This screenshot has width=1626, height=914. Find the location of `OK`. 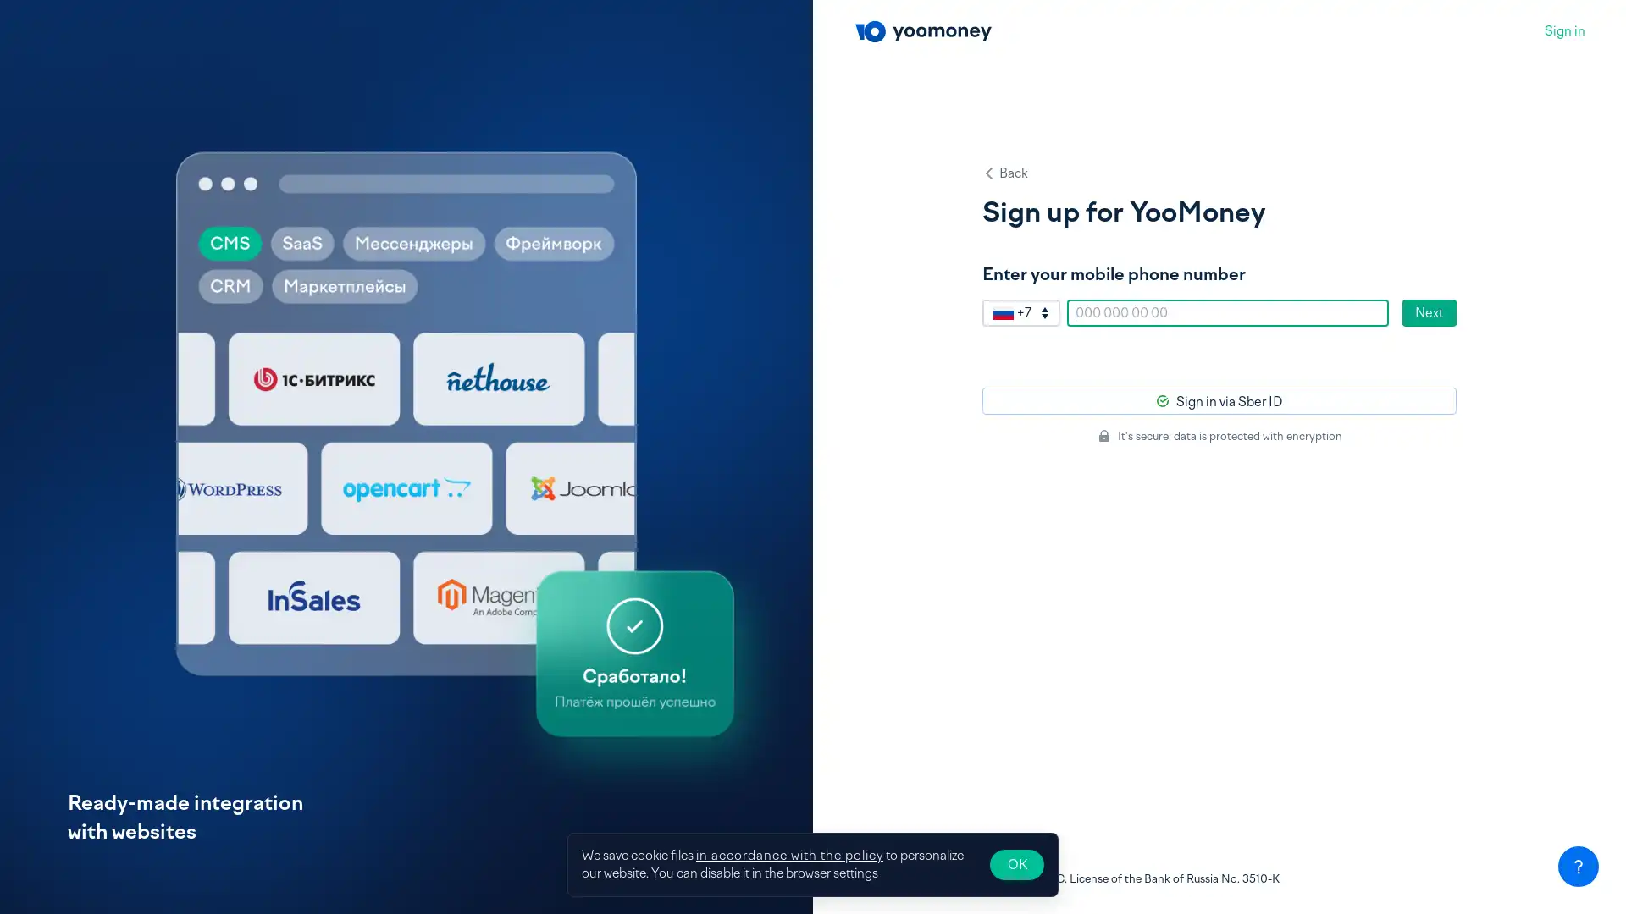

OK is located at coordinates (1016, 865).